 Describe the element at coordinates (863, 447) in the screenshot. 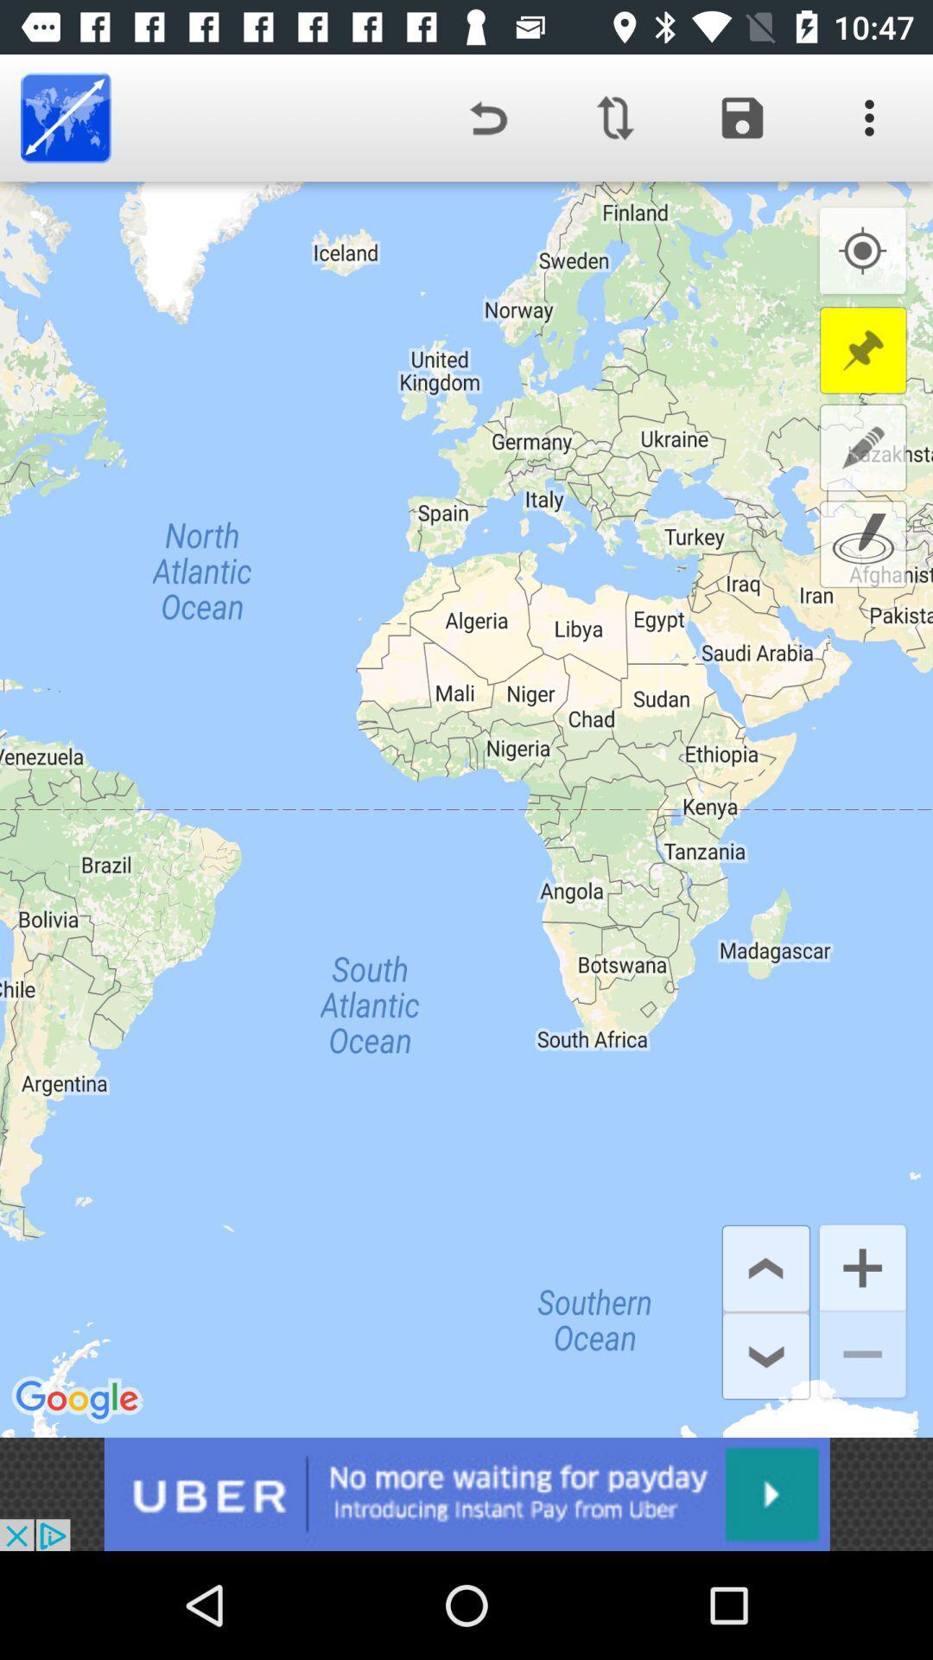

I see `the edit icon` at that location.